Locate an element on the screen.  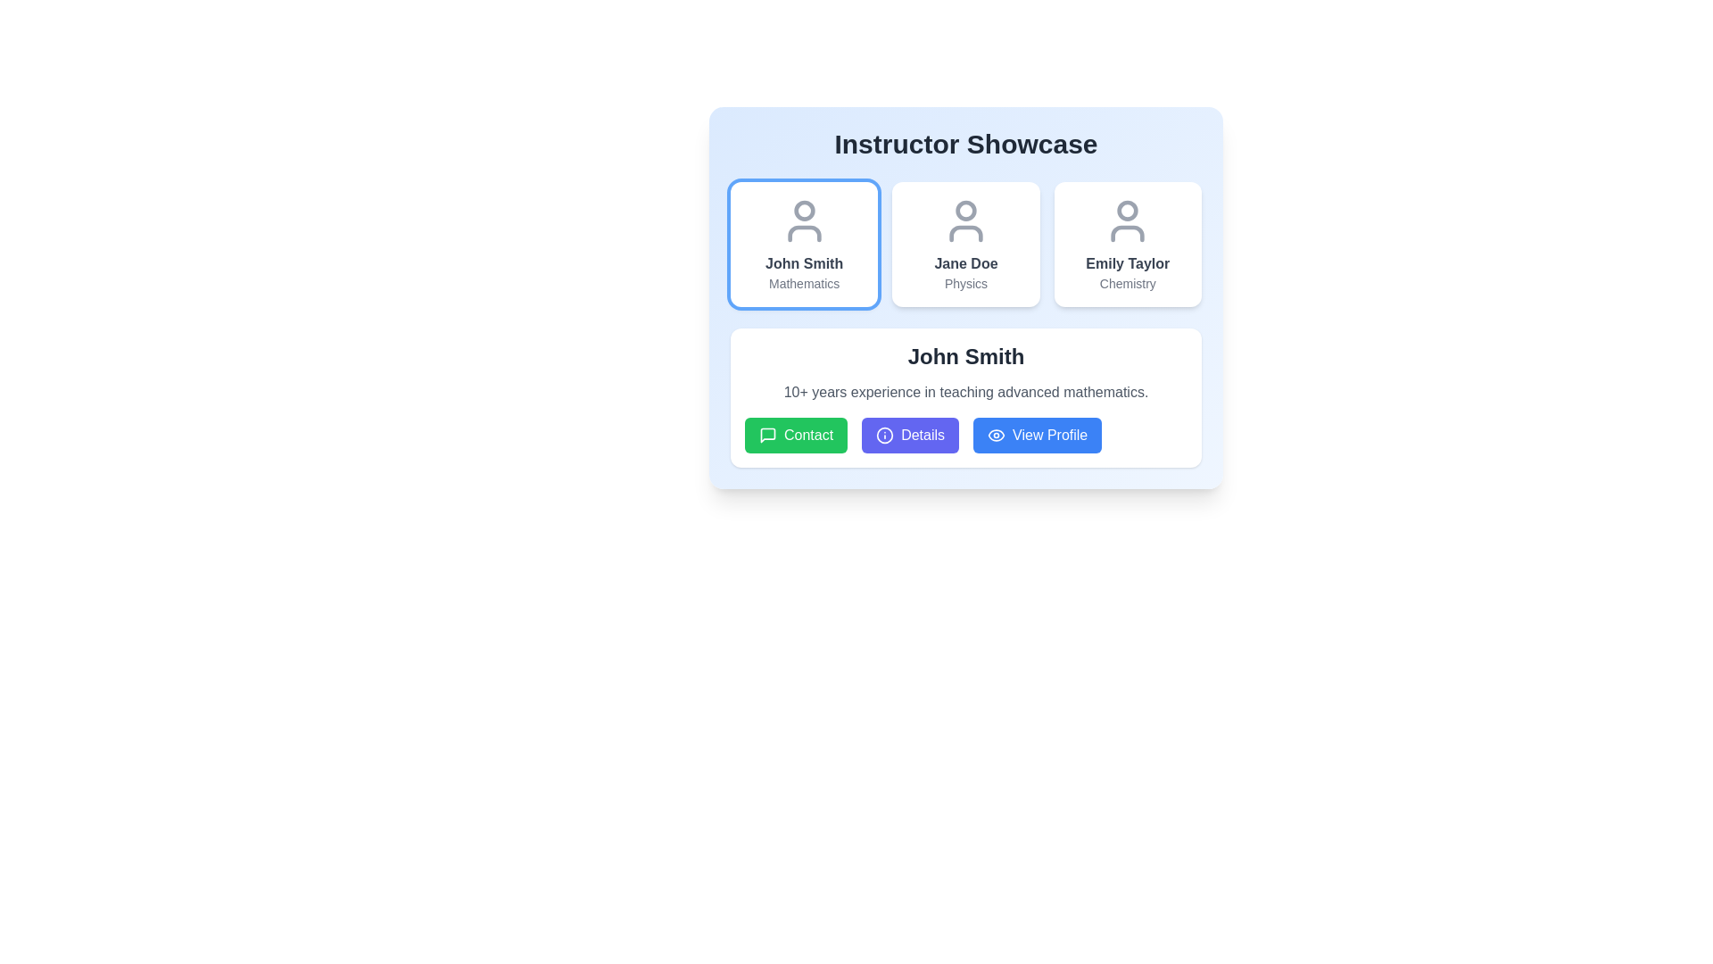
the icon representing 'Jane Doe', which is centrally located in the card for 'Jane Doe - Physics', positioned above the name 'Jane Doe' is located at coordinates (965, 220).